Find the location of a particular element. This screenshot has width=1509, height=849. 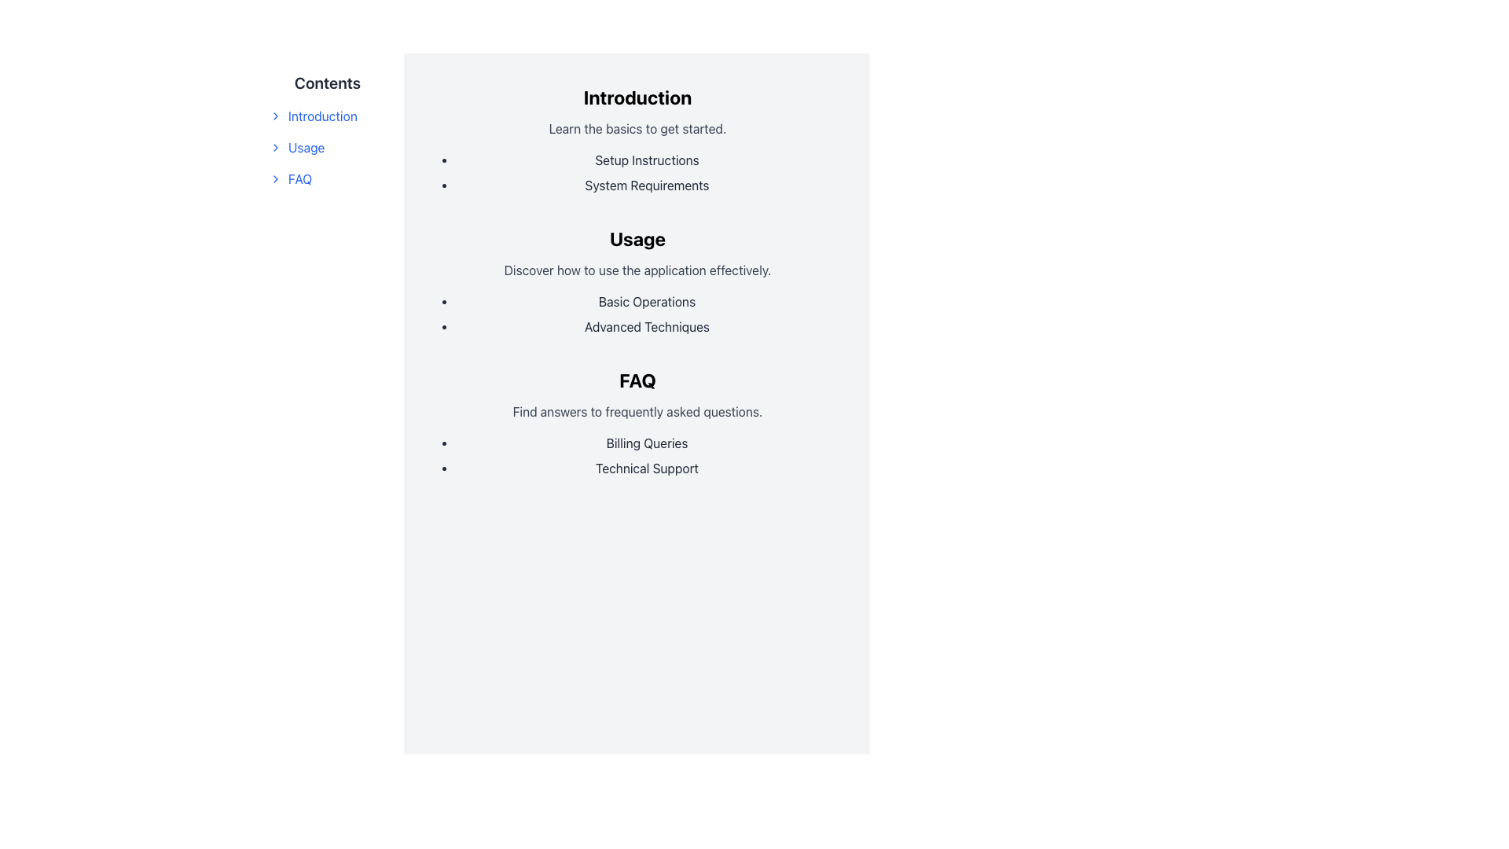

contents of the List element located in the 'FAQ' section, specifically presenting options for 'Billing Queries' and 'Technical Support' is located at coordinates (637, 455).